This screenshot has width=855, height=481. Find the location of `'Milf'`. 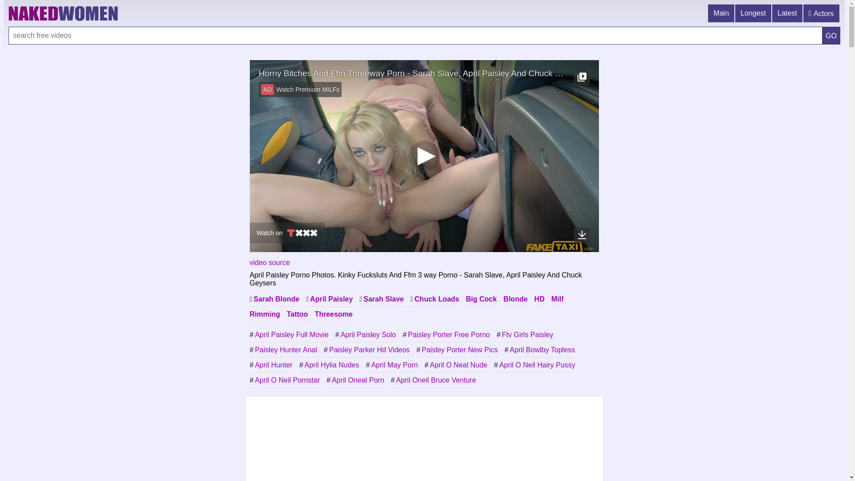

'Milf' is located at coordinates (551, 299).